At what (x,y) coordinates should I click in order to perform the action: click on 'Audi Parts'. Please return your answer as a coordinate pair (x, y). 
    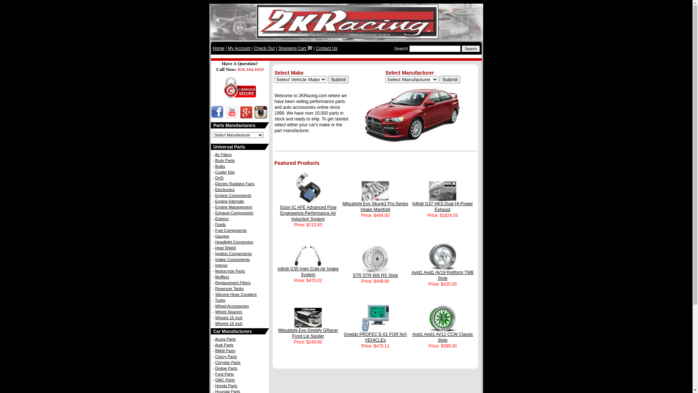
    Looking at the image, I should click on (224, 345).